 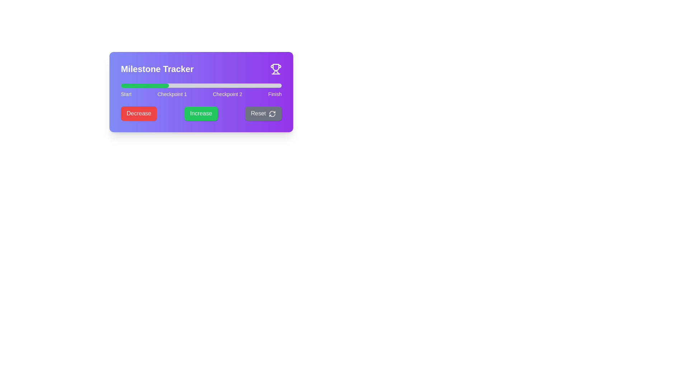 What do you see at coordinates (263, 113) in the screenshot?
I see `the rightmost button labeled 'Reset', which has a gray background and a circular refresh arrow icon, to reset` at bounding box center [263, 113].